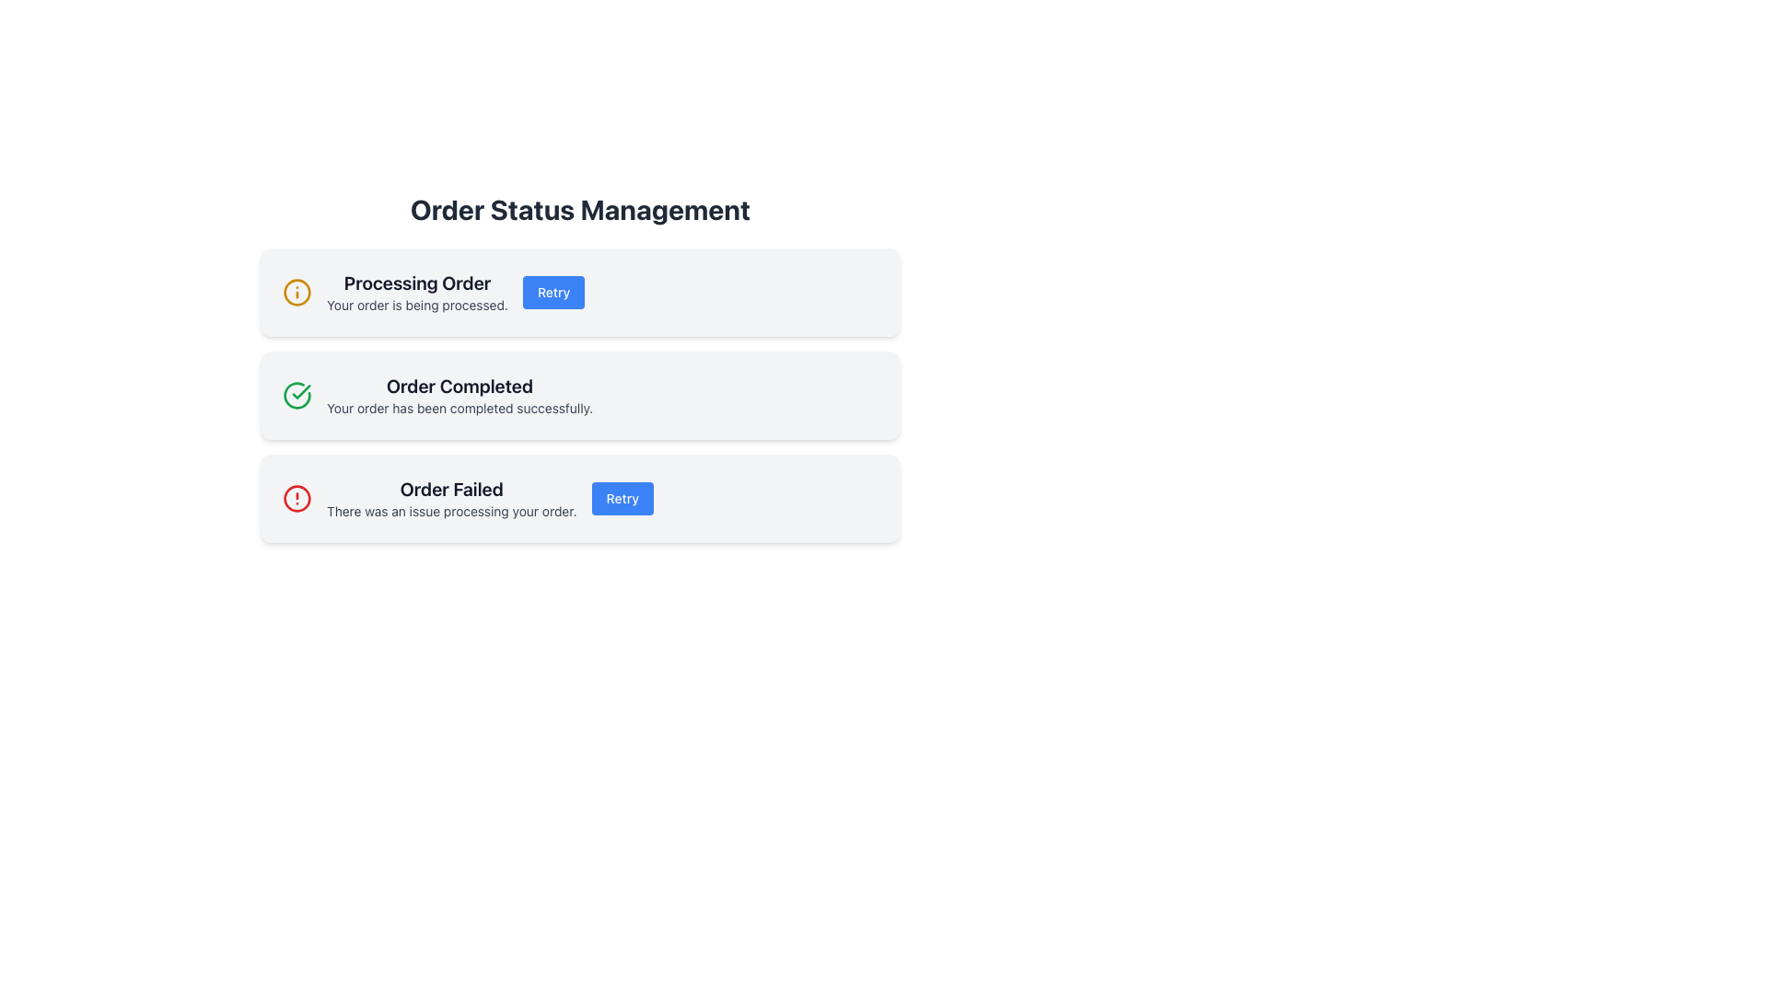  Describe the element at coordinates (579, 394) in the screenshot. I see `the Notification box that displays 'Order Completed' with a green checkmark icon, which is the second box in a vertical list of notifications` at that location.